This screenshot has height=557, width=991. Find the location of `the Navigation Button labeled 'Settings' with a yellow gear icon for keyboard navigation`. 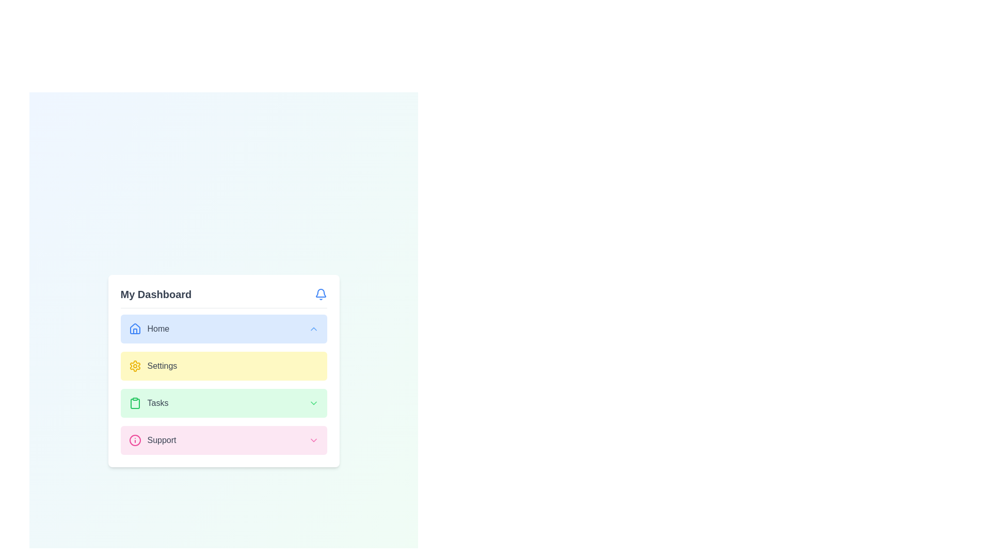

the Navigation Button labeled 'Settings' with a yellow gear icon for keyboard navigation is located at coordinates (223, 365).